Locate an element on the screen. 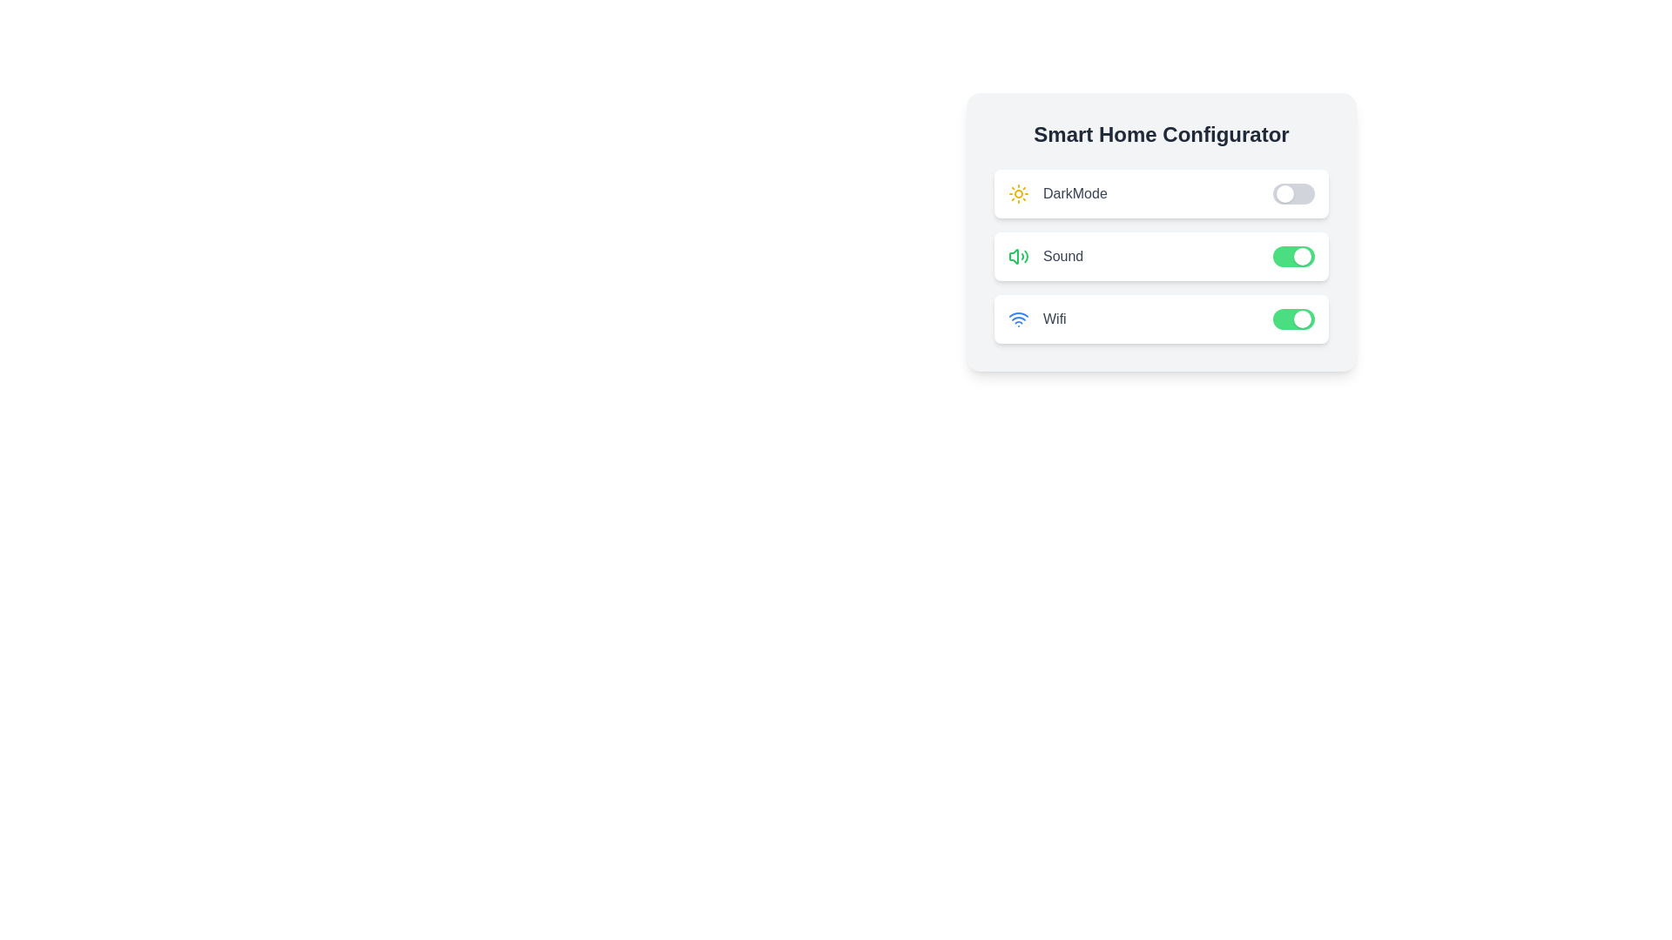 The image size is (1672, 940). the sun icon representing the 'DarkMode' feature, located in the upper-left area of the 'DarkMode' section is located at coordinates (1019, 194).